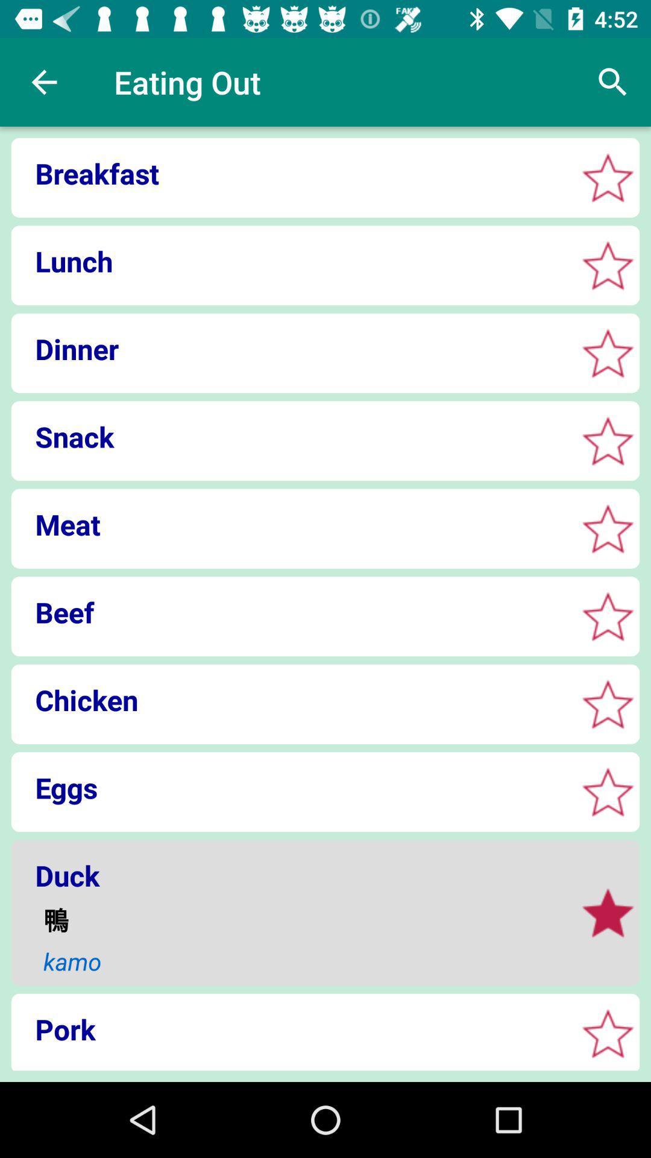  I want to click on star your rewedding, so click(608, 792).